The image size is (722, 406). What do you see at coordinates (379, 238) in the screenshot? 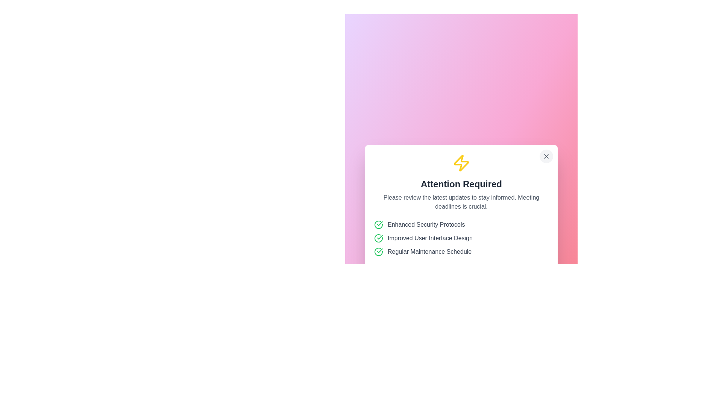
I see `the decorative or status indicator icon positioned to the left of the text 'Improved User Interface Design', which is the second item in a vertical list of similar icons` at bounding box center [379, 238].